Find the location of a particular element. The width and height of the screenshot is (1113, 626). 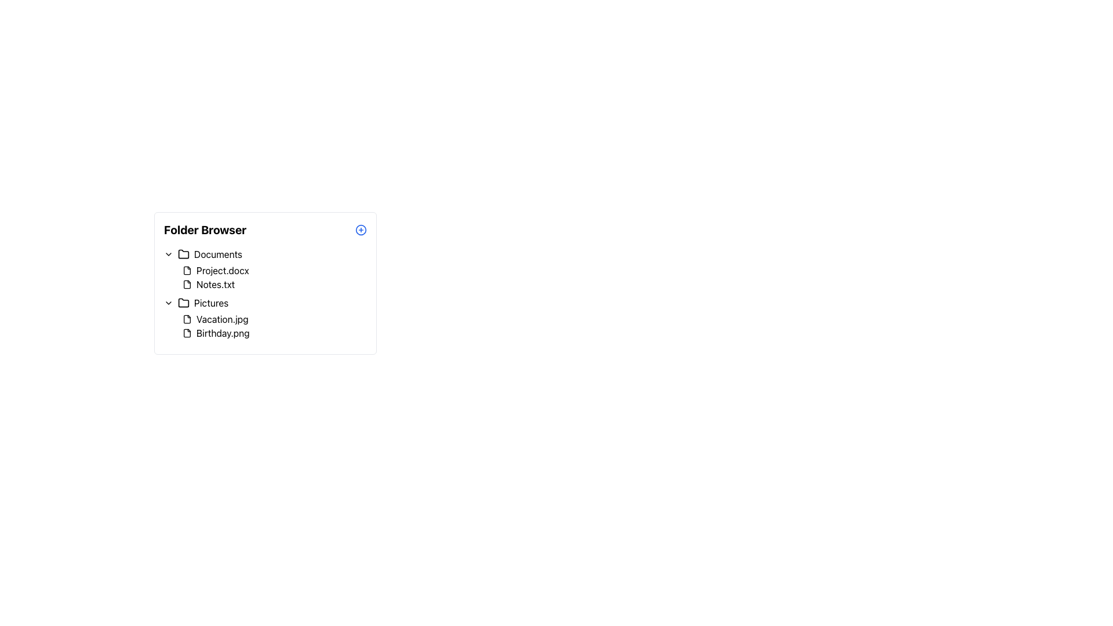

the file representation element labeled 'Birthday.png' located in the 'Pictures' folder is located at coordinates (272, 333).